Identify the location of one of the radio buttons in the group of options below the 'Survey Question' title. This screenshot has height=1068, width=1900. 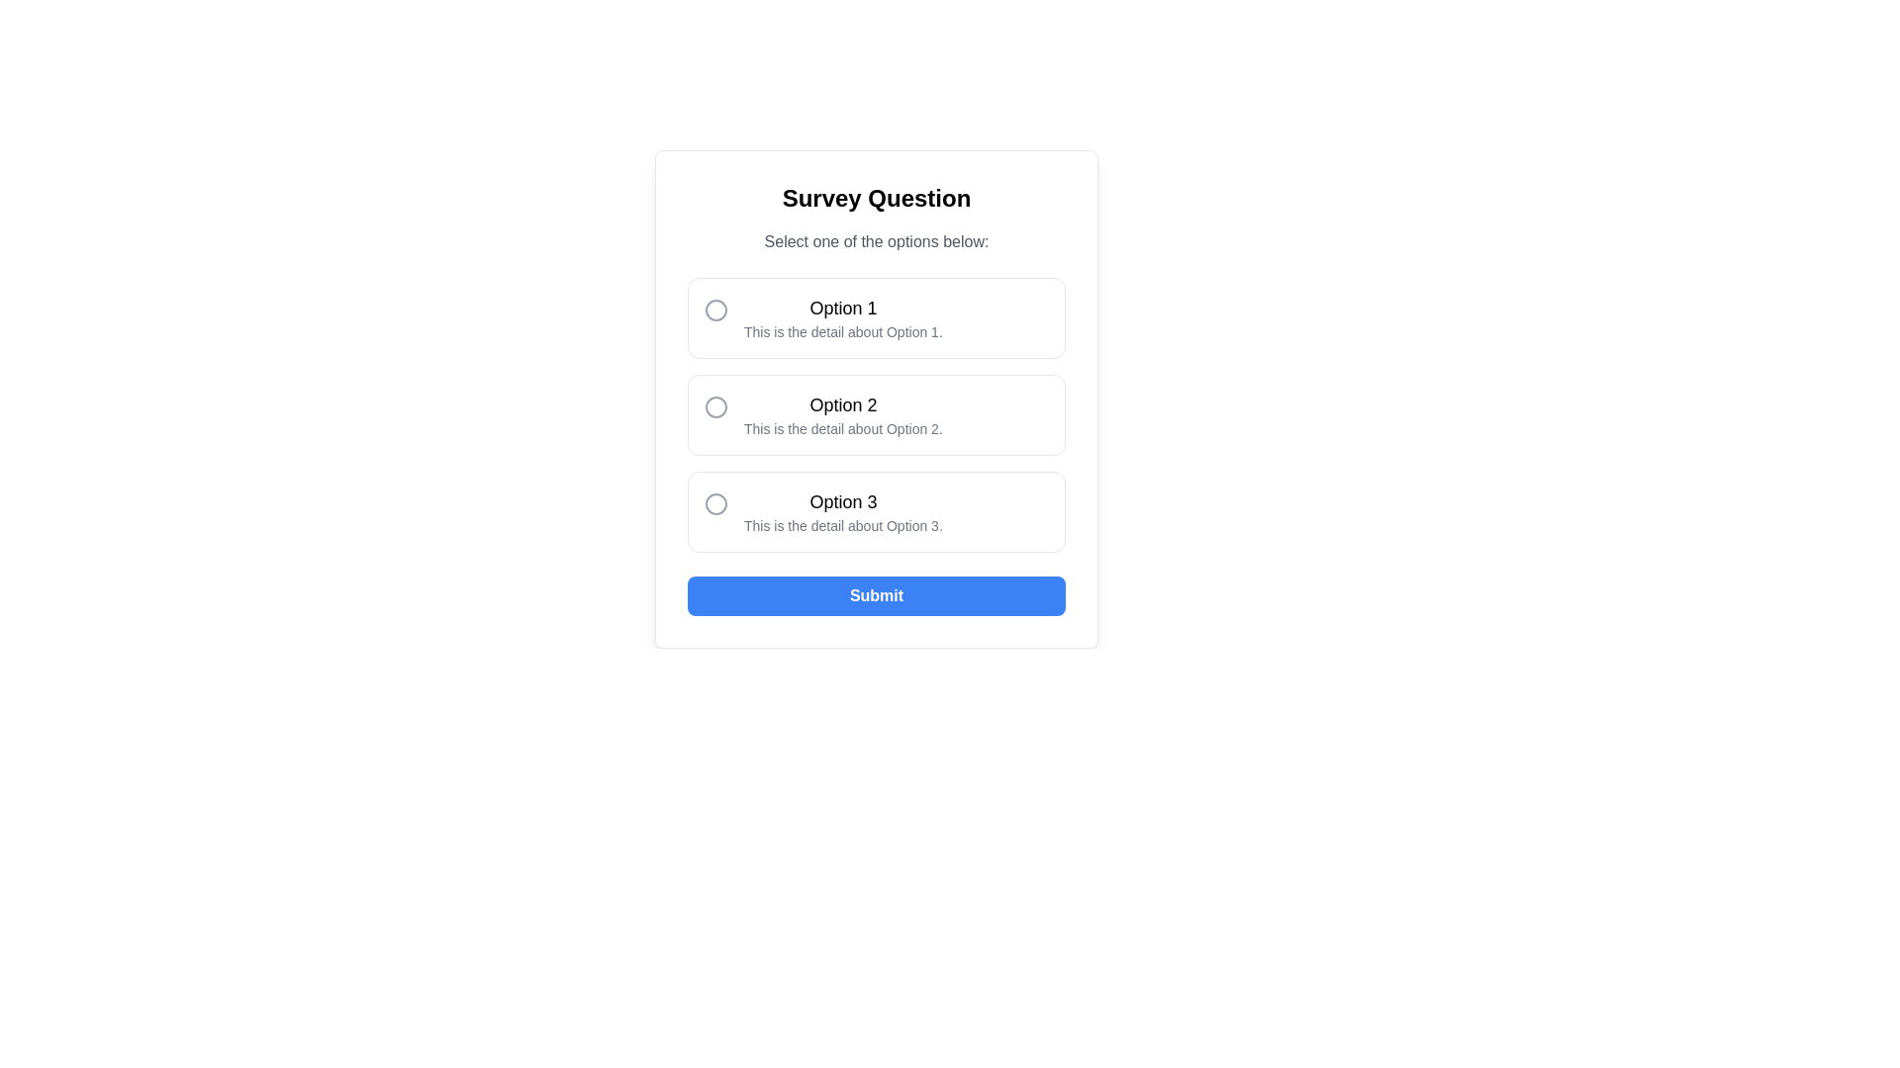
(876, 414).